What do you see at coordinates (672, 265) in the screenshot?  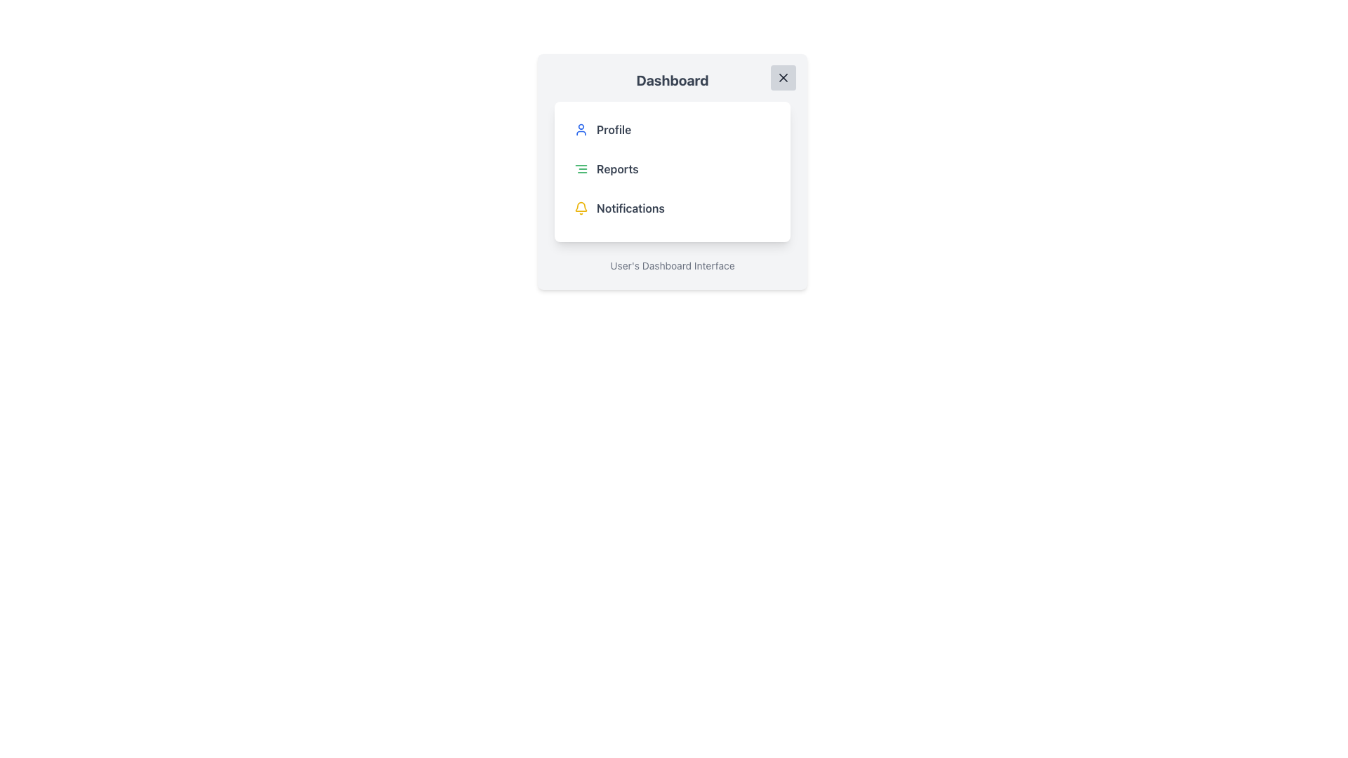 I see `the text label that reads 'User's Dashboard Interface', which is located at the bottom-center of the dashboard pop-up panel` at bounding box center [672, 265].